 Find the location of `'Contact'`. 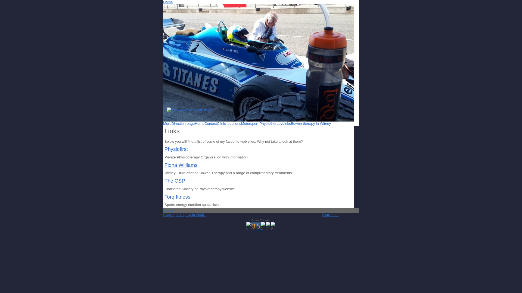

'Contact' is located at coordinates (204, 123).